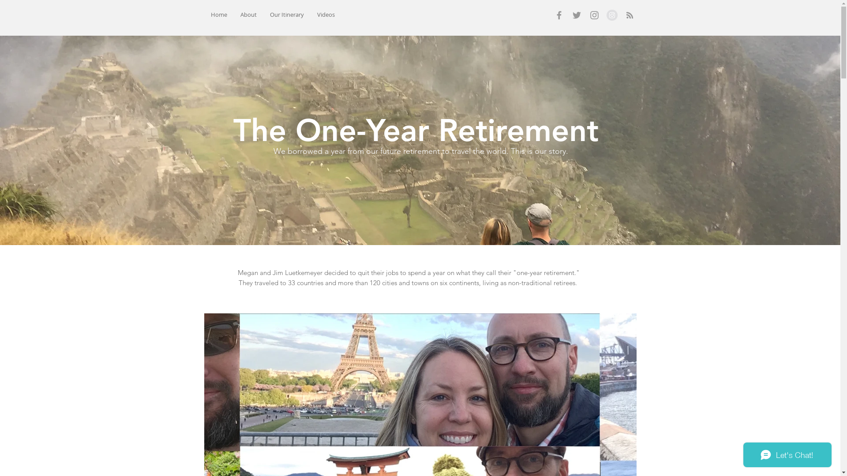 The image size is (847, 476). I want to click on 'Videos', so click(326, 15).